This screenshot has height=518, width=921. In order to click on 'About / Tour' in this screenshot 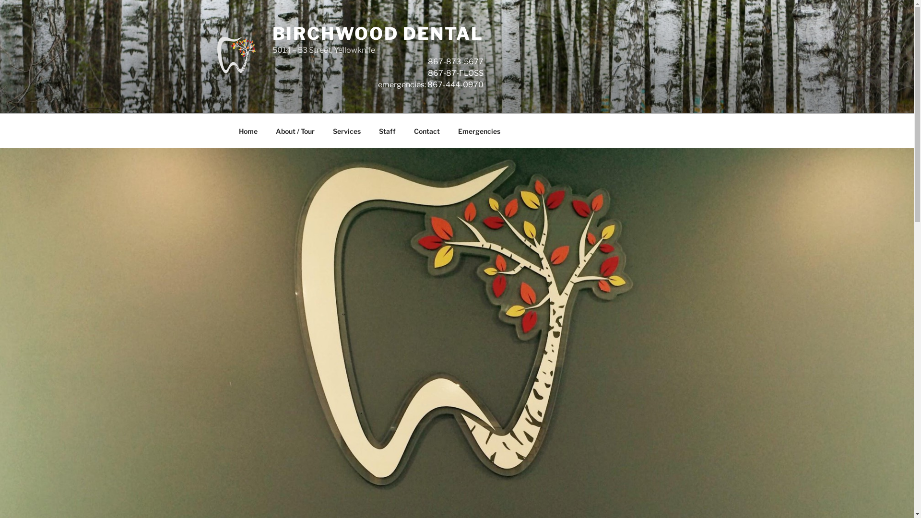, I will do `click(295, 130)`.